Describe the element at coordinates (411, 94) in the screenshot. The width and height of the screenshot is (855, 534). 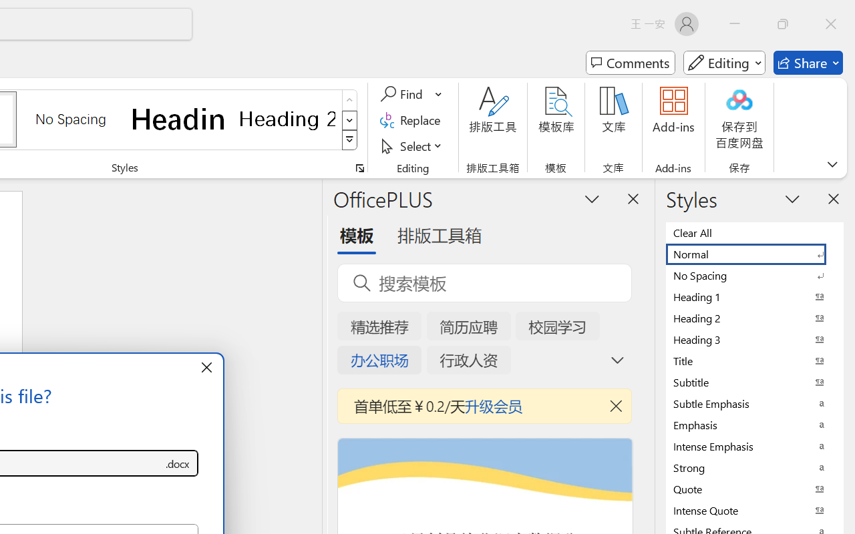
I see `'Find'` at that location.